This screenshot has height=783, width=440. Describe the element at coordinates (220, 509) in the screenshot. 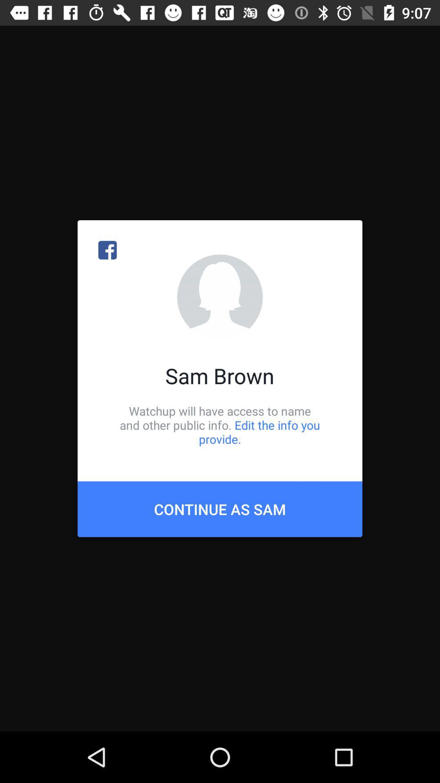

I see `continue as sam icon` at that location.